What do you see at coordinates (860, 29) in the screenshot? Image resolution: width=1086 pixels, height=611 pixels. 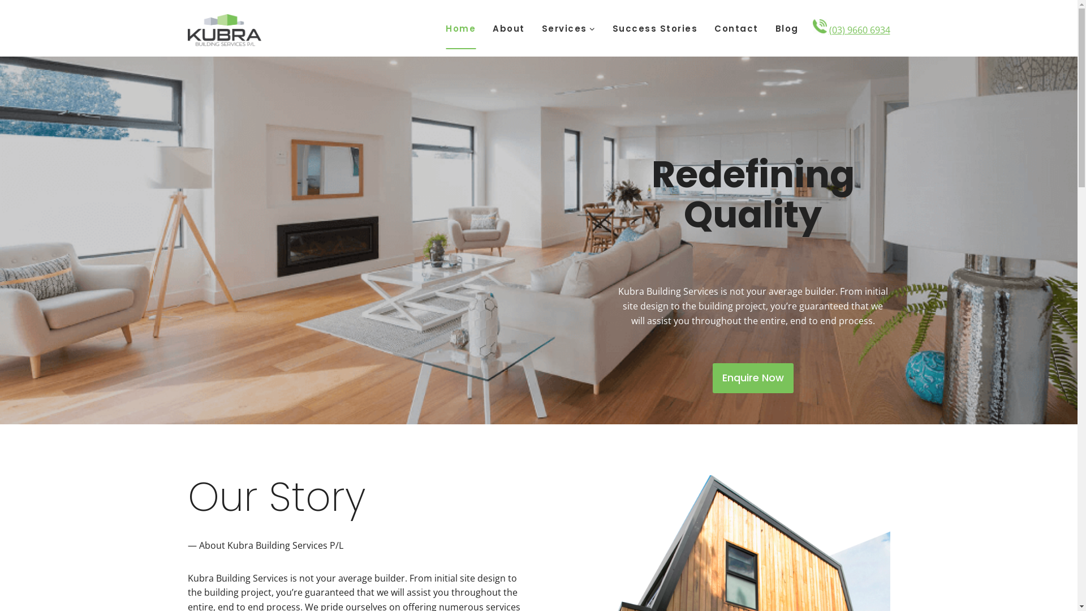 I see `'(03) 9660 6934'` at bounding box center [860, 29].